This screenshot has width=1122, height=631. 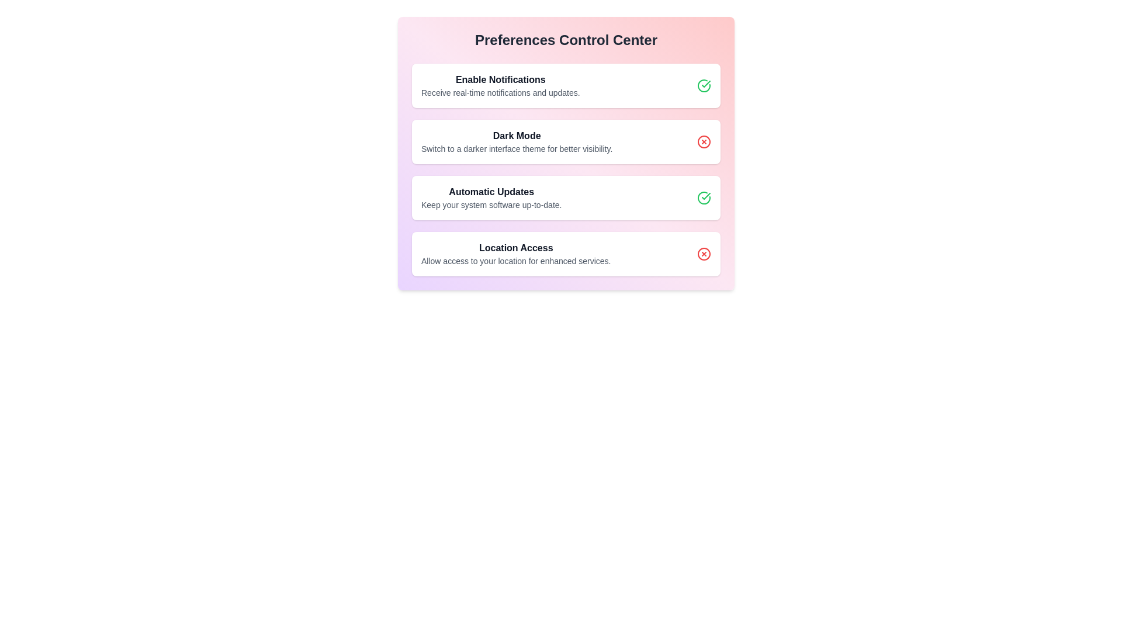 I want to click on the text label that reads 'Allow access to your location for enhanced services.' which is styled in a small, gray font and positioned below the 'Location Access' title, so click(x=515, y=261).